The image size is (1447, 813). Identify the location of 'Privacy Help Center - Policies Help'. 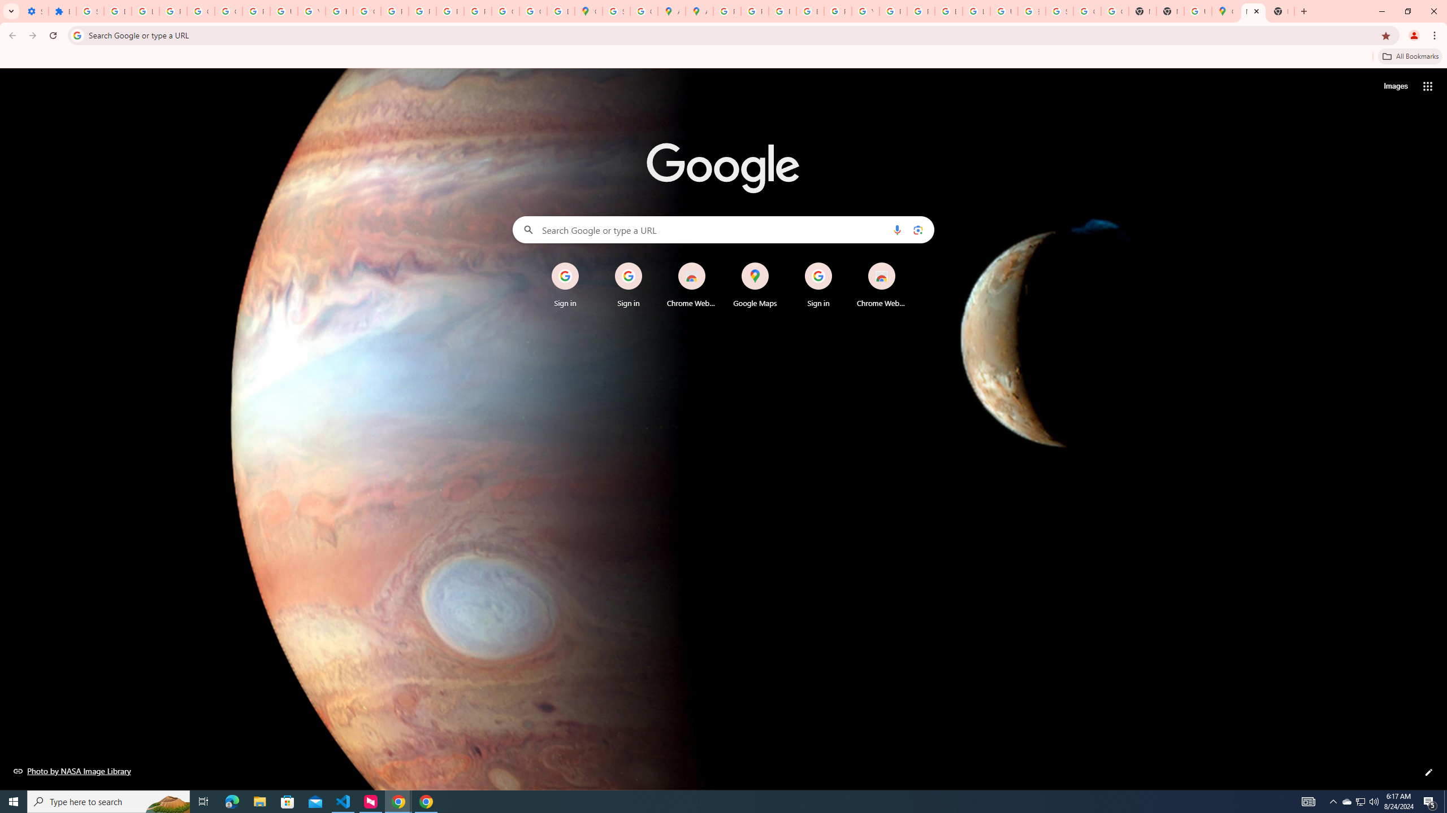
(782, 11).